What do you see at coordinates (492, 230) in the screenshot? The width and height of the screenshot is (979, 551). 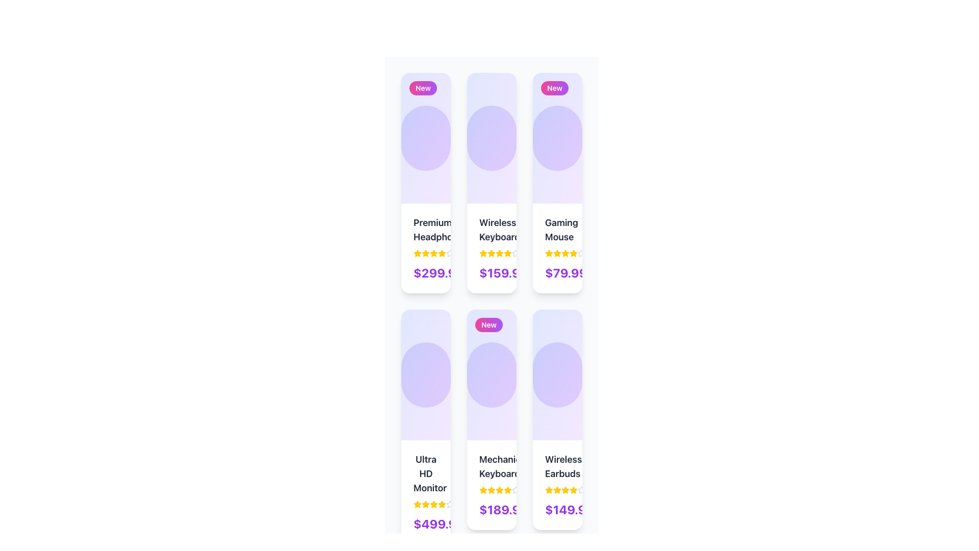 I see `the static text element displaying 'Wireless Keyboard', which is styled in bold gray font and is located in the second column of the top row of a product card grid` at bounding box center [492, 230].